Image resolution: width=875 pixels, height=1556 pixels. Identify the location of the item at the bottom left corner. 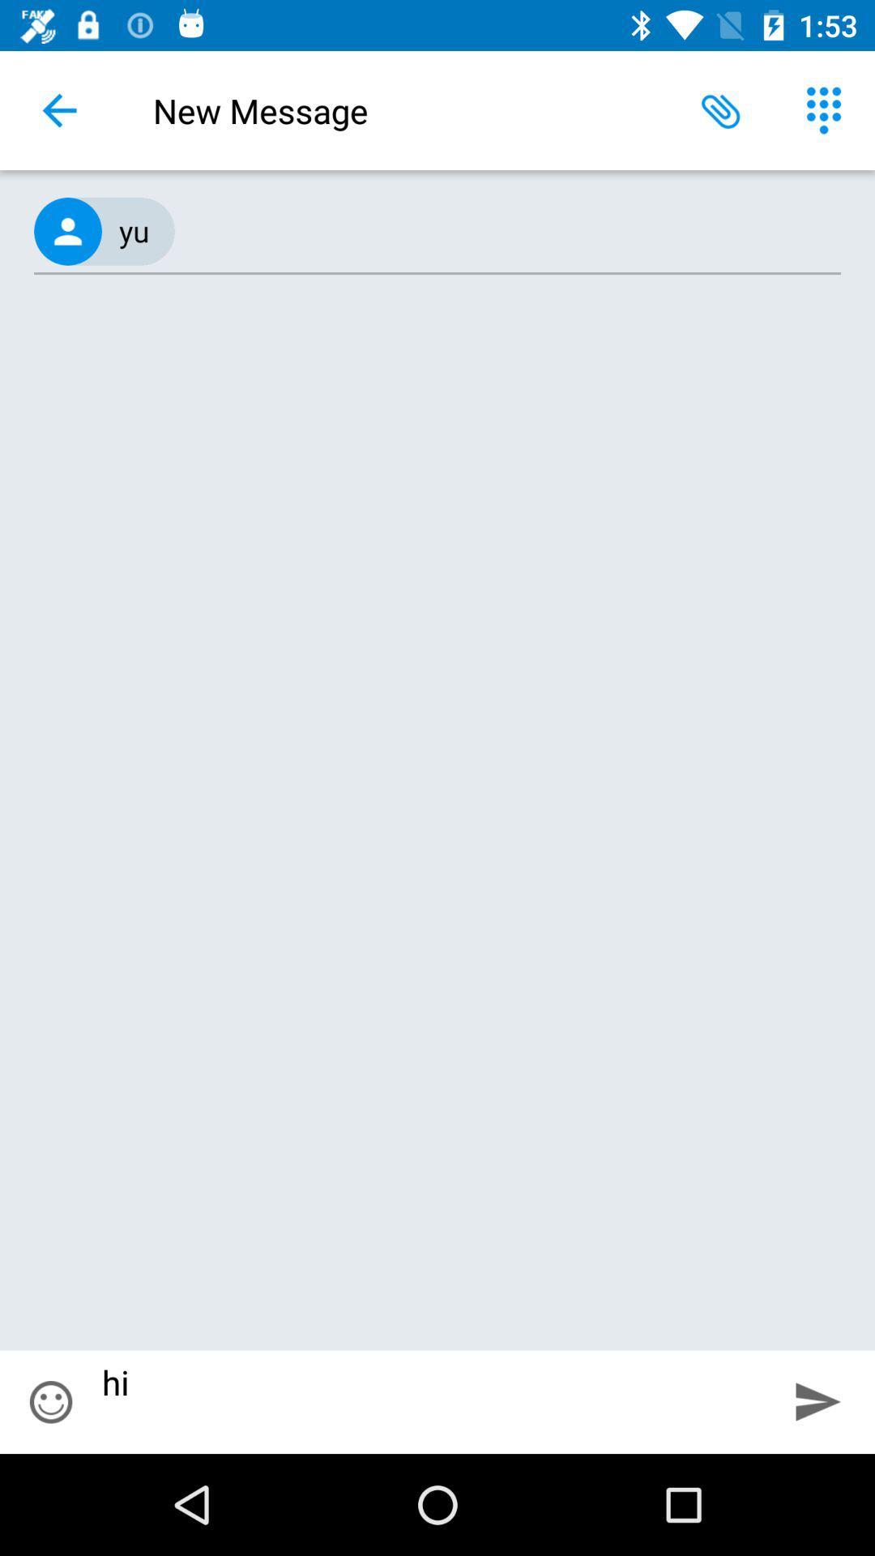
(49, 1401).